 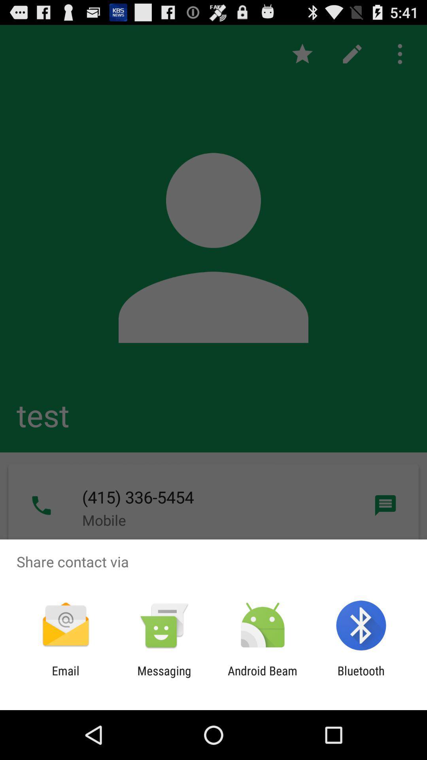 What do you see at coordinates (65, 677) in the screenshot?
I see `email` at bounding box center [65, 677].